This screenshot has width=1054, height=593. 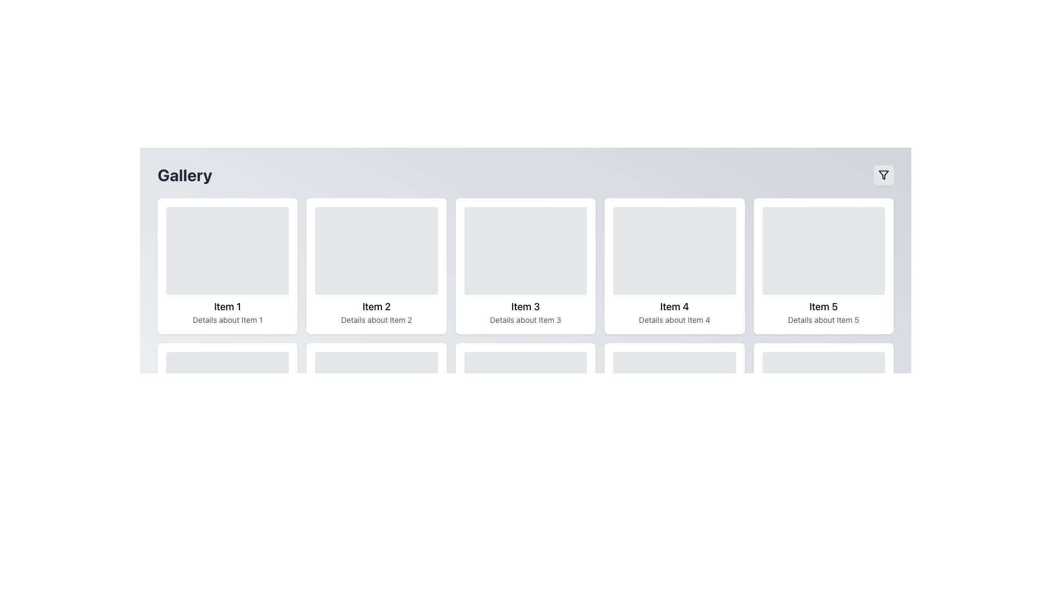 What do you see at coordinates (227, 307) in the screenshot?
I see `text element labeled 'Item 1', which is prominently displayed in bold font within the first card of a horizontally aligned list, located below a gray placeholder box` at bounding box center [227, 307].